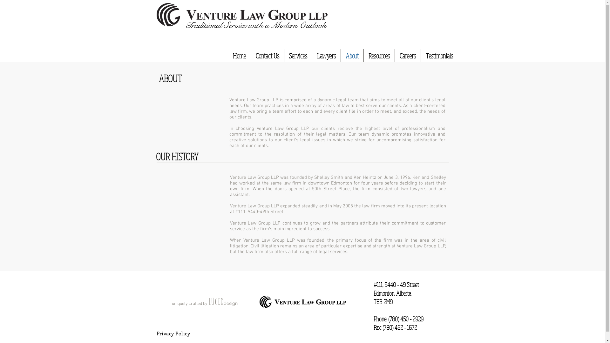 This screenshot has width=610, height=343. I want to click on 'Privacy Policy', so click(173, 333).